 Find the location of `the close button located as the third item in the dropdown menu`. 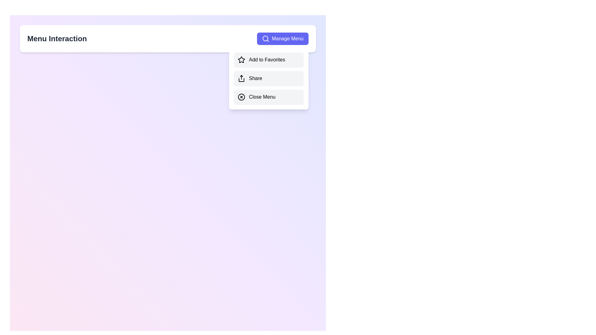

the close button located as the third item in the dropdown menu is located at coordinates (269, 97).